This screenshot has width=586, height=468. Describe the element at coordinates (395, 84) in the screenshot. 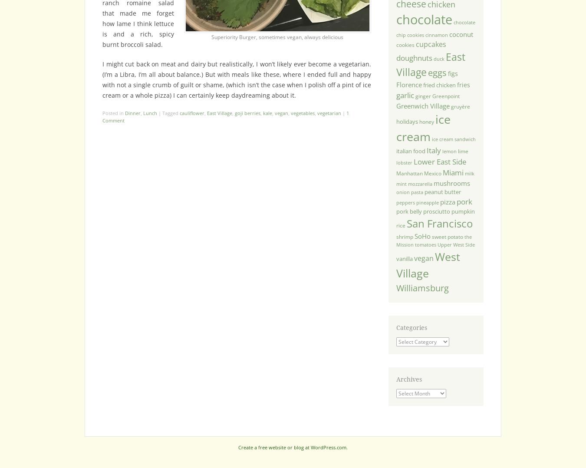

I see `'Florence'` at that location.